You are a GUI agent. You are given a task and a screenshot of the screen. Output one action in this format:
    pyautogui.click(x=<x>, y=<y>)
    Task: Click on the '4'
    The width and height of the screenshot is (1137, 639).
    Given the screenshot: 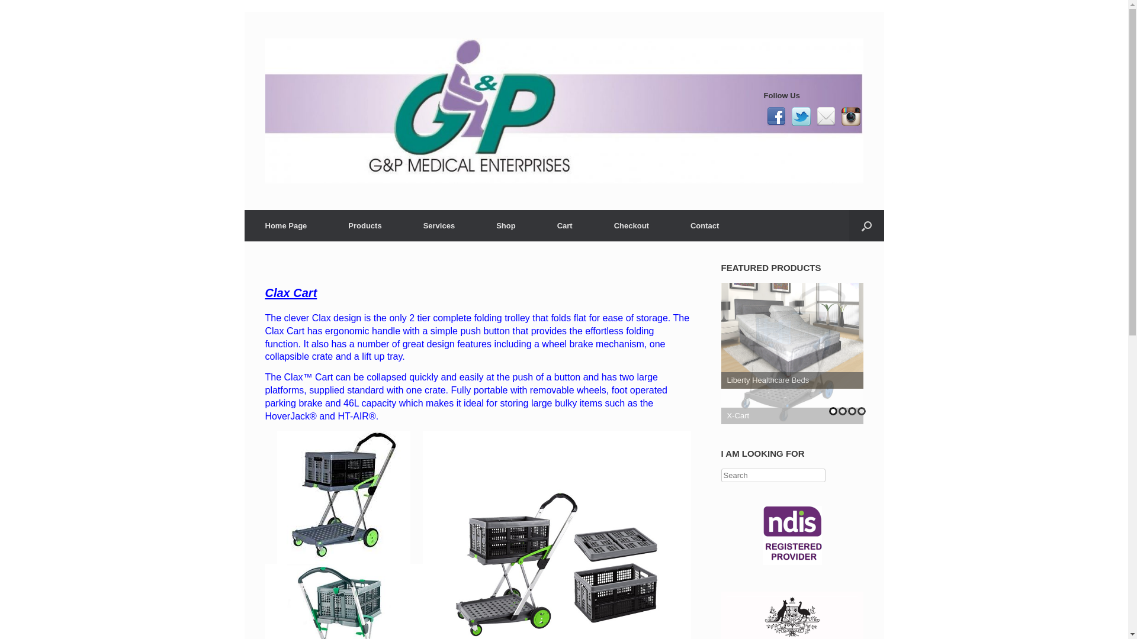 What is the action you would take?
    pyautogui.click(x=857, y=410)
    